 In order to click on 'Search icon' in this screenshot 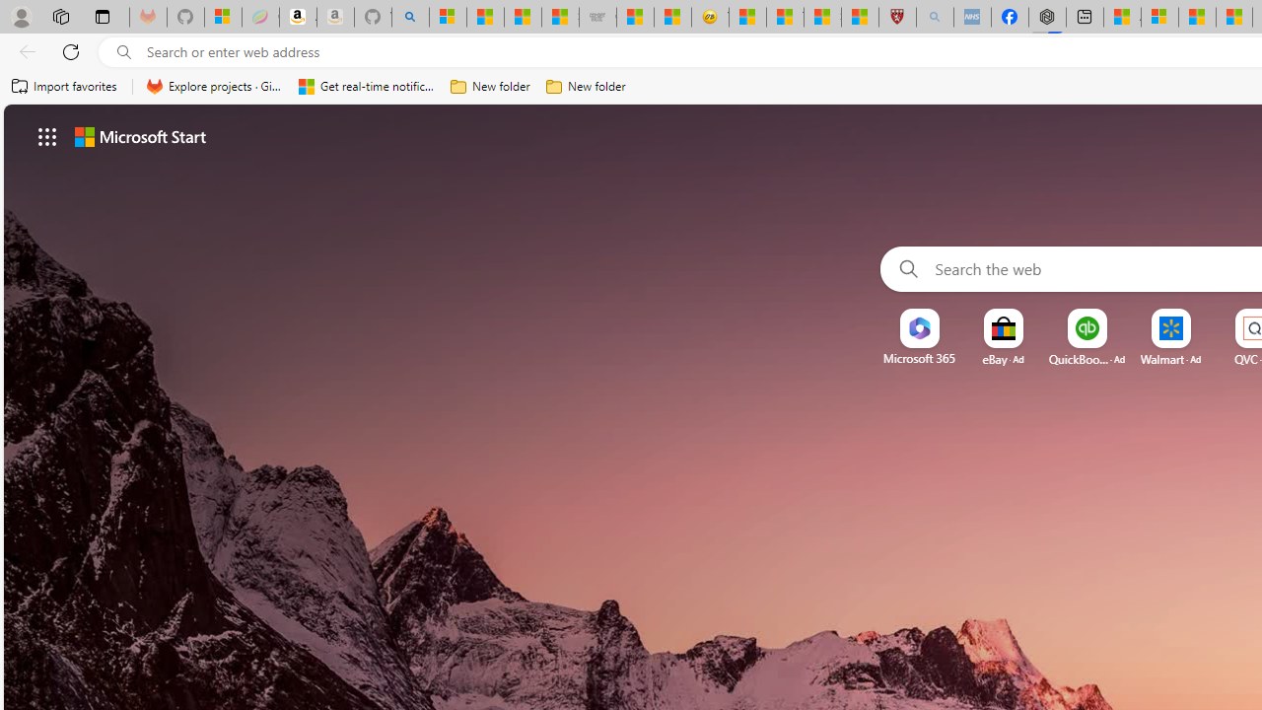, I will do `click(123, 51)`.